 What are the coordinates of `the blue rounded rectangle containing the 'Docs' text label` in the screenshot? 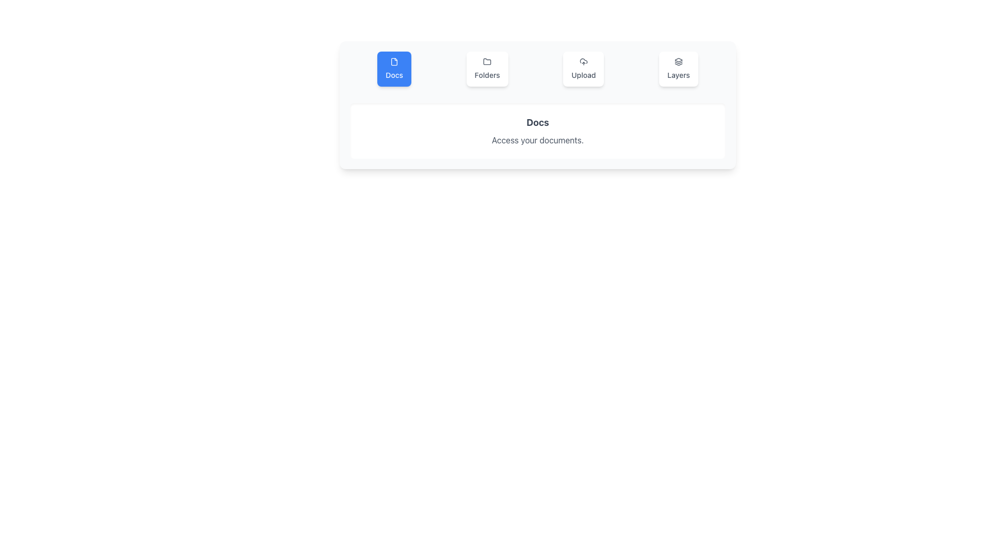 It's located at (393, 75).